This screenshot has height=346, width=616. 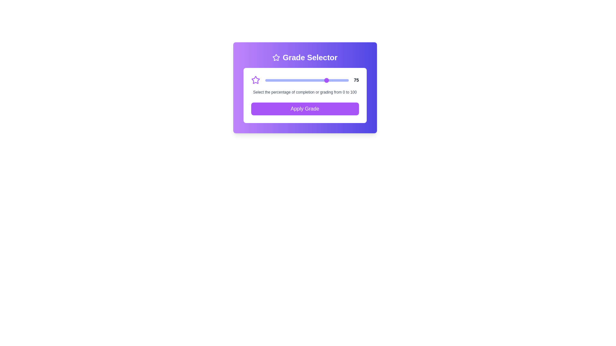 What do you see at coordinates (304, 92) in the screenshot?
I see `the text label that instructs 'Select the percentage of completion or grading from 0 to 100', which is styled in medium-sized gray text and located below the slider component in a card-like dialog` at bounding box center [304, 92].